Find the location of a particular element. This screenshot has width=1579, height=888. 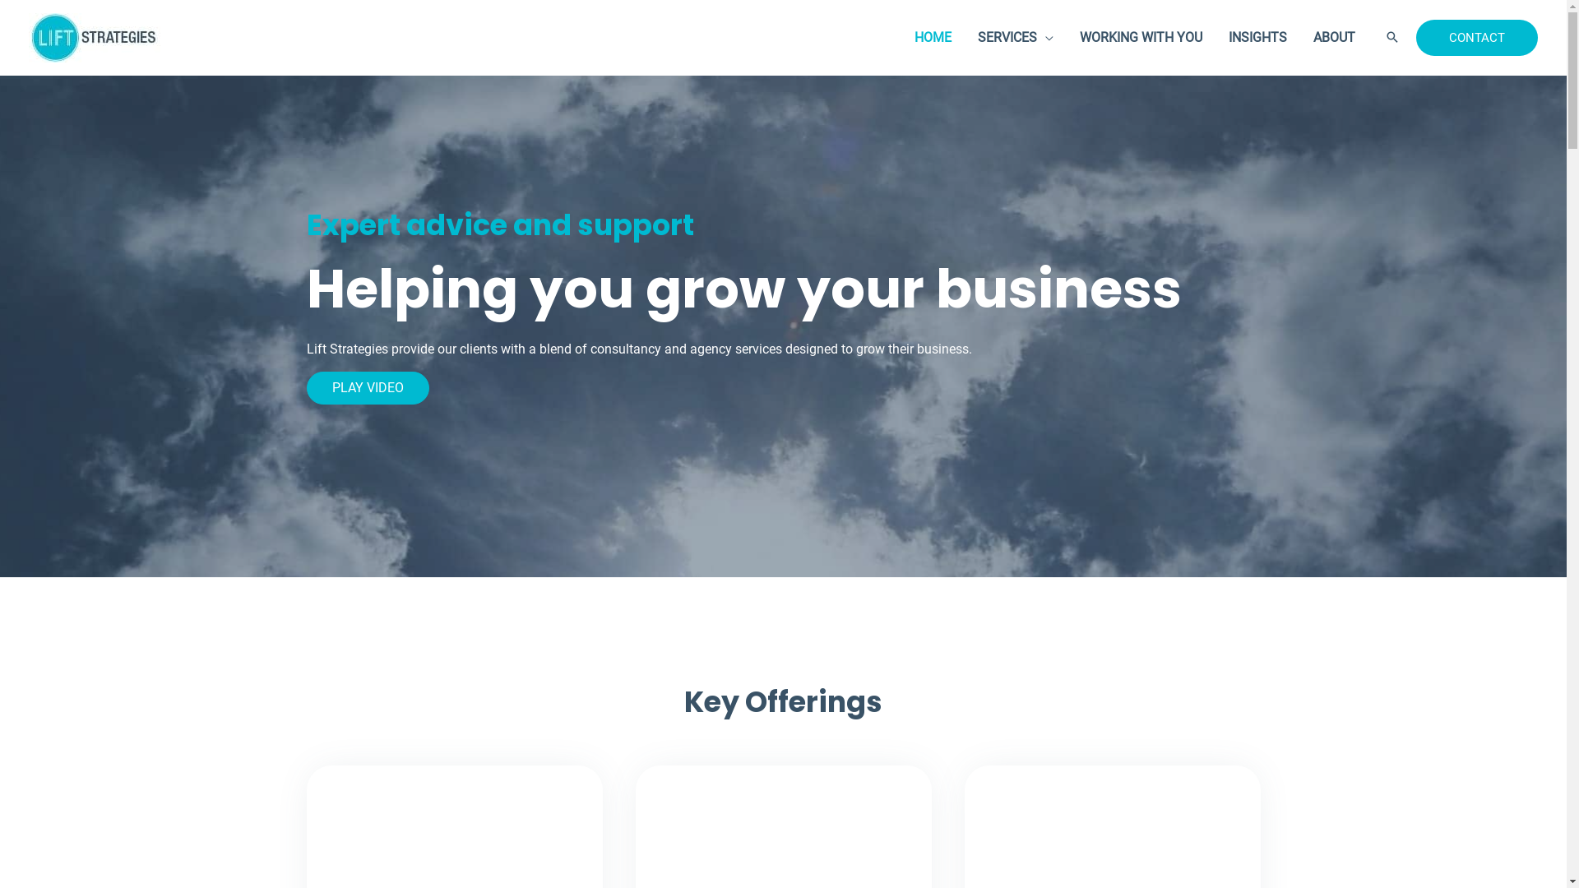

'ABOUT' is located at coordinates (1334, 37).